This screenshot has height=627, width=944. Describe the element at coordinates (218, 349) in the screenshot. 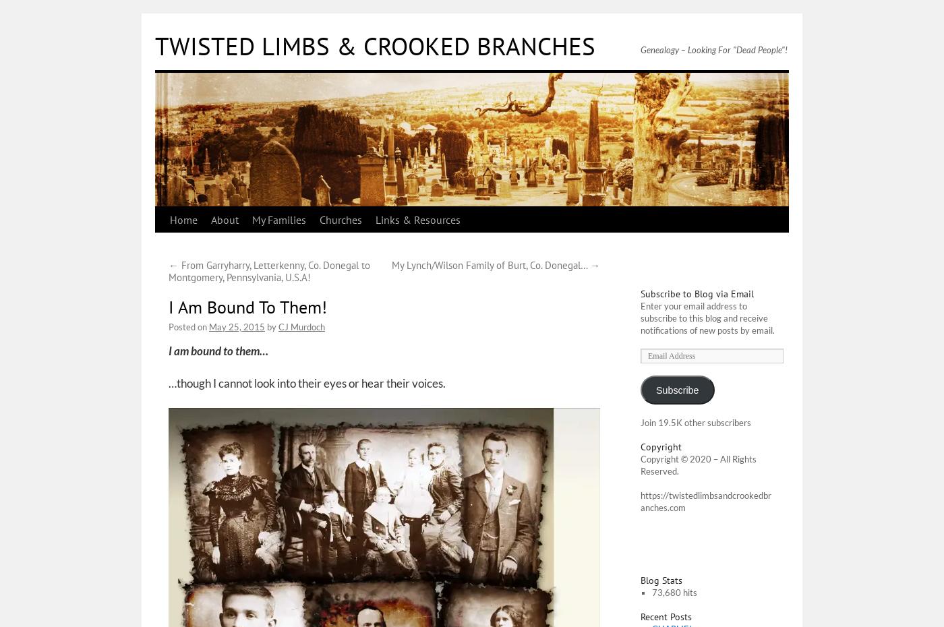

I see `'I am bound to them…'` at that location.